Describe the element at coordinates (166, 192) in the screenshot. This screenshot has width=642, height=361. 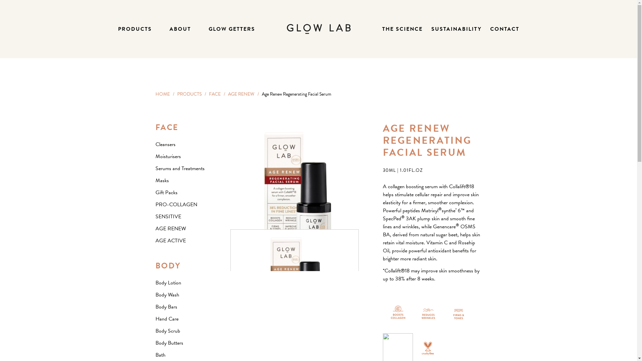
I see `'Gift Packs'` at that location.